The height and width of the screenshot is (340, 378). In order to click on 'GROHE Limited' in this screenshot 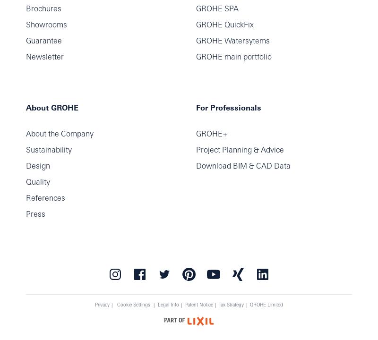, I will do `click(249, 304)`.